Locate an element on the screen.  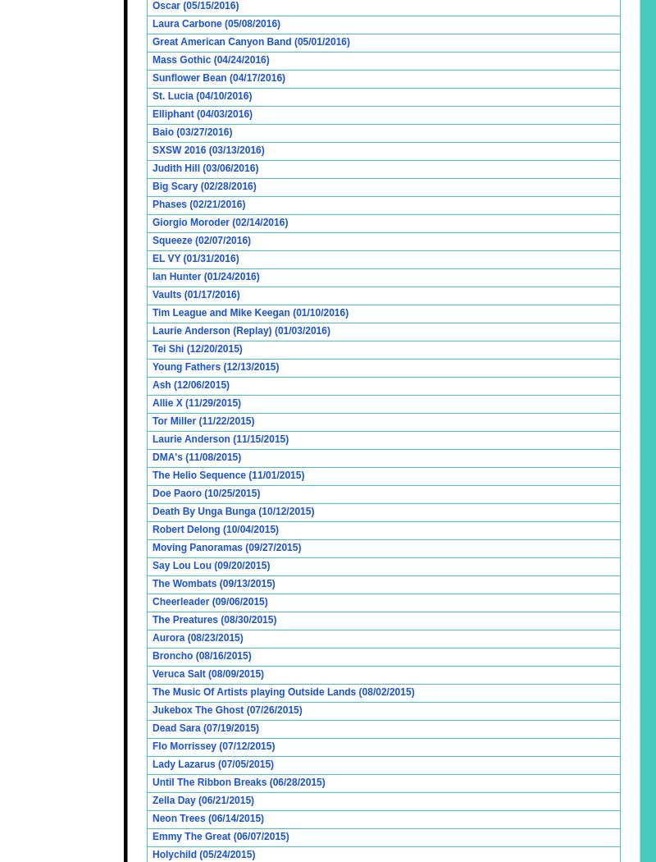
'Allie X (11/29/2015)' is located at coordinates (152, 401).